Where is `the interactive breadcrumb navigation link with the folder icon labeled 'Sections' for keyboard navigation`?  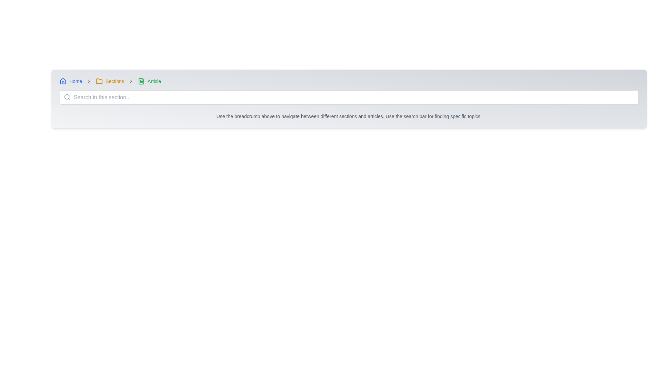 the interactive breadcrumb navigation link with the folder icon labeled 'Sections' for keyboard navigation is located at coordinates (109, 81).